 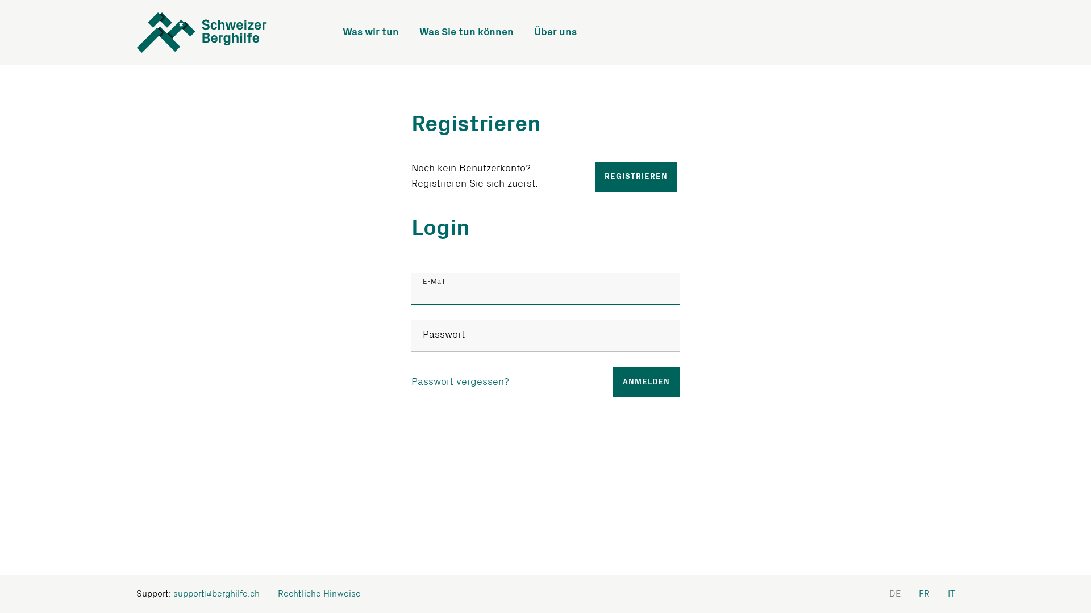 I want to click on 'Rechtliche Hinweise', so click(x=318, y=593).